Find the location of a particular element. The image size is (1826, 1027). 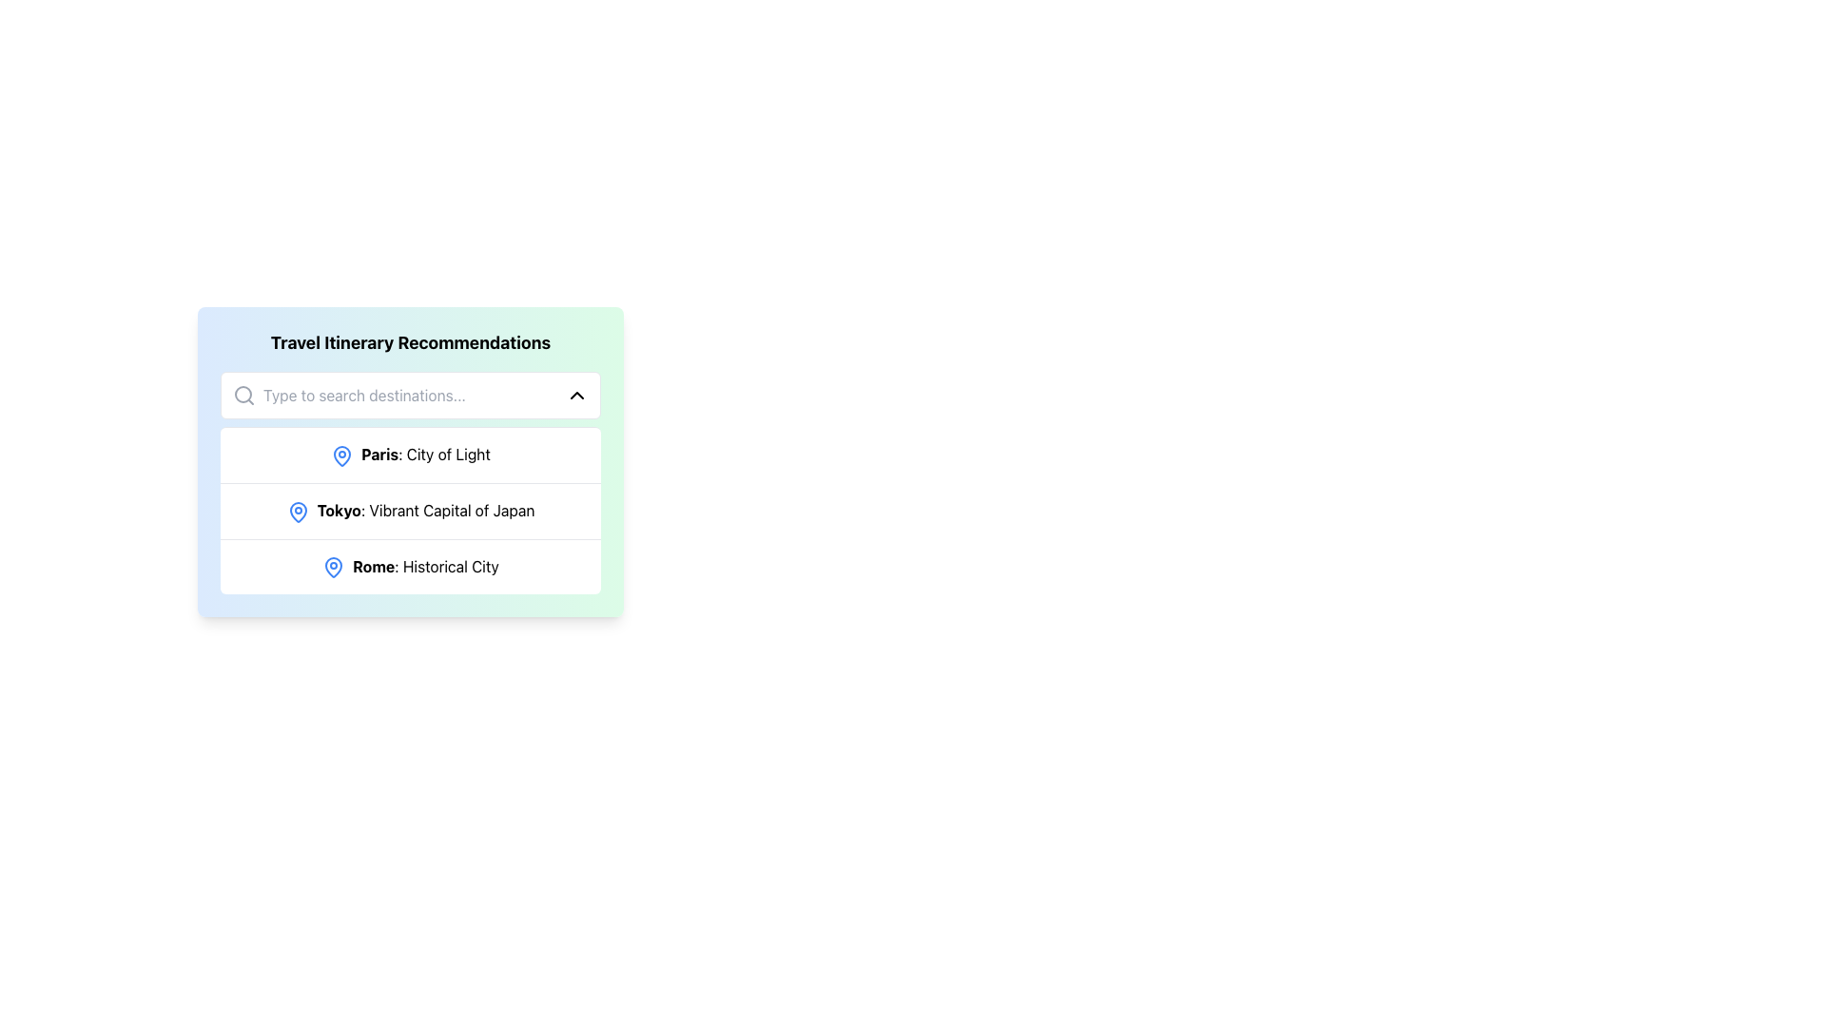

the first list item titled 'Paris: City of Light' with a blue map pin icon is located at coordinates (410, 455).